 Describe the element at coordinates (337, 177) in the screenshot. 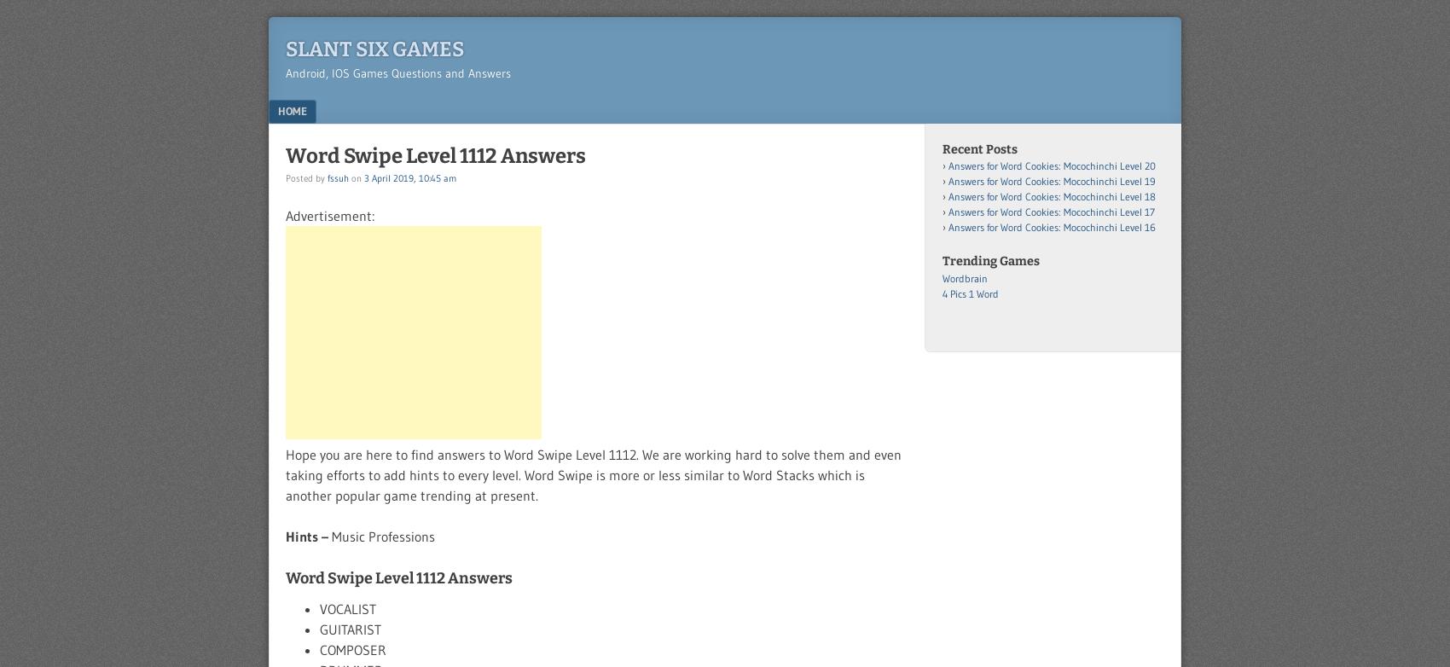

I see `'fssuh'` at that location.